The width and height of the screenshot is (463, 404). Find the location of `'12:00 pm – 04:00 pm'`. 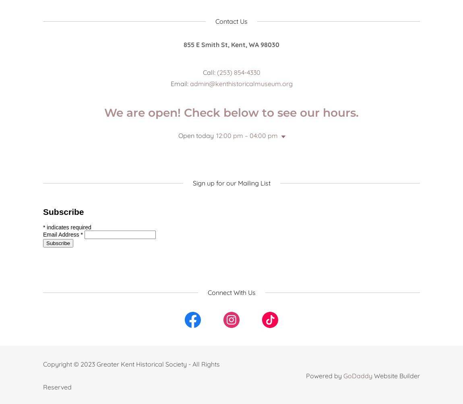

'12:00 pm – 04:00 pm' is located at coordinates (246, 136).